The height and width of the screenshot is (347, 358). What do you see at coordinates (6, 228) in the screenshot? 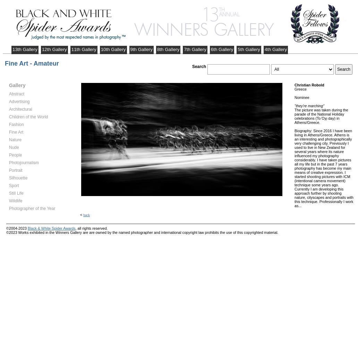
I see `'©2004-2023'` at bounding box center [6, 228].